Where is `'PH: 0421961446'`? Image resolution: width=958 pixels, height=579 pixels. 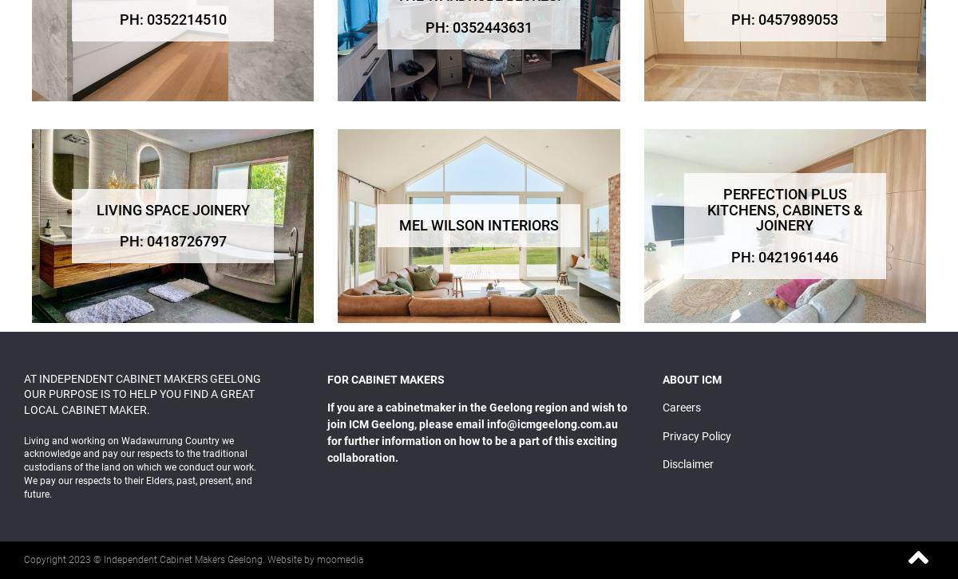
'PH: 0421961446' is located at coordinates (785, 256).